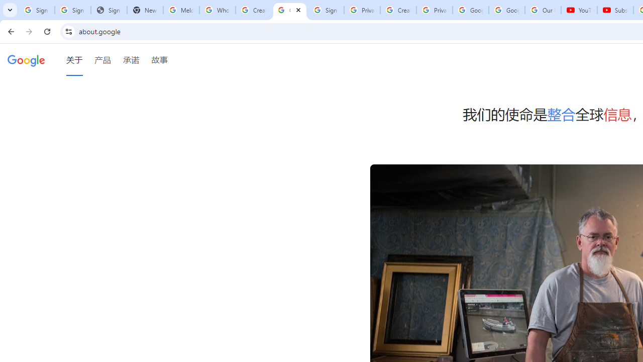  What do you see at coordinates (109, 10) in the screenshot?
I see `'Sign In - USA TODAY'` at bounding box center [109, 10].